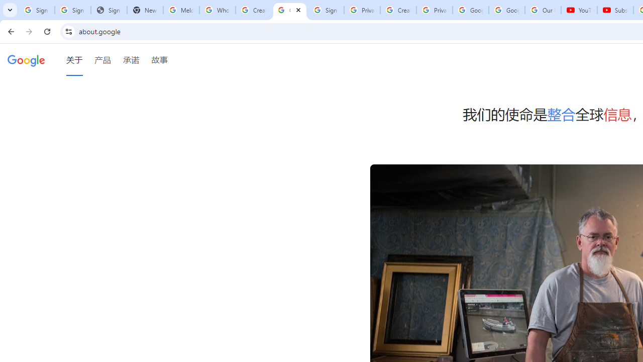  What do you see at coordinates (109, 10) in the screenshot?
I see `'Sign In - USA TODAY'` at bounding box center [109, 10].